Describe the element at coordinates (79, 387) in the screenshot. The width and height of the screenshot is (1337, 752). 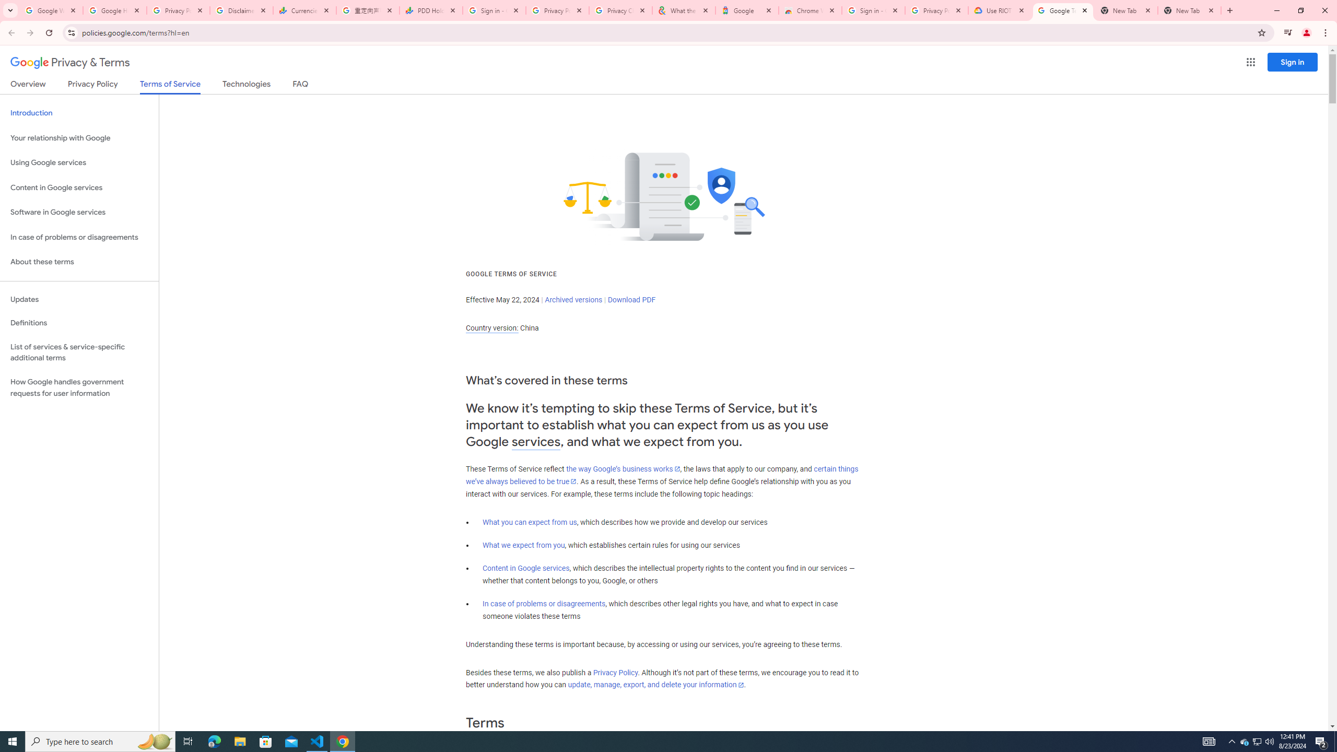
I see `'How Google handles government requests for user information'` at that location.